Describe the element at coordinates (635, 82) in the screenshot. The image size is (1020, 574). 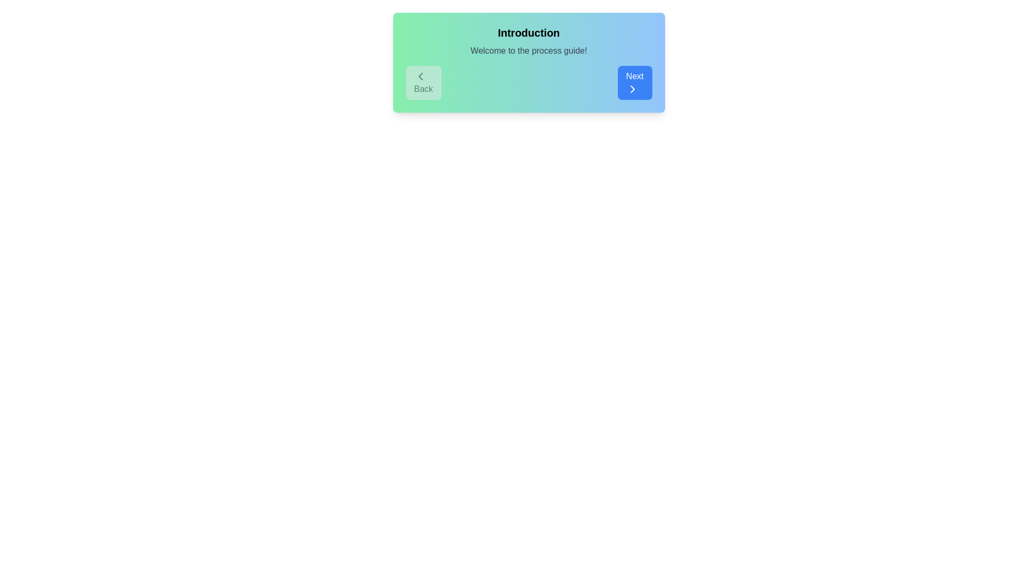
I see `the 'Next' button to navigate to the next step` at that location.